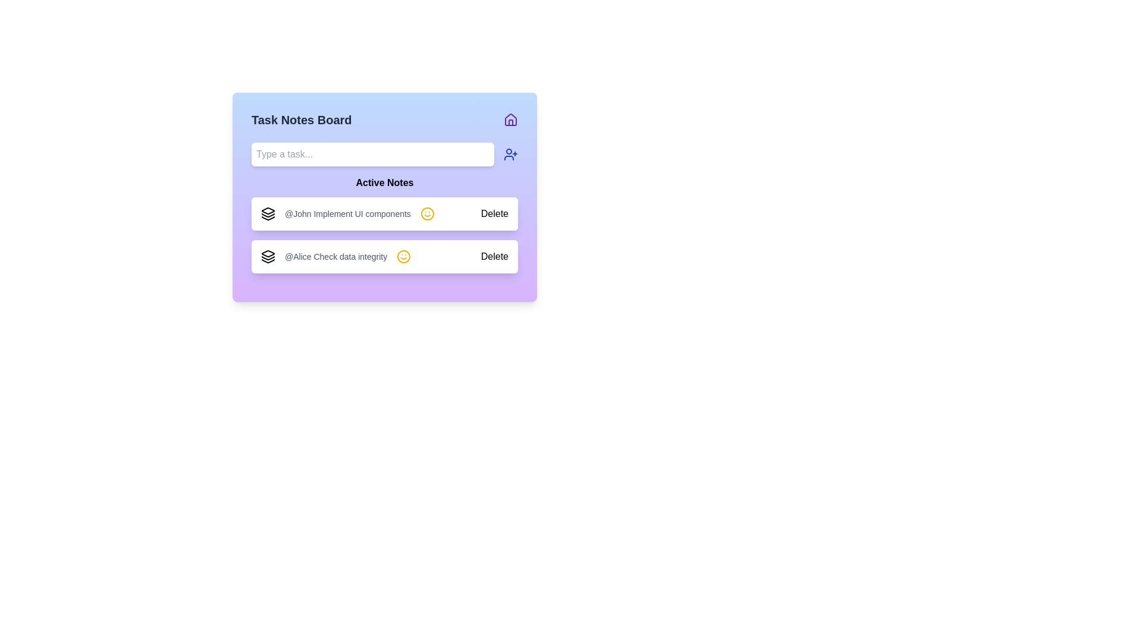 Image resolution: width=1142 pixels, height=642 pixels. What do you see at coordinates (268, 256) in the screenshot?
I see `the icon located at the top-left corner of the task item row for '@Alice Check data integrity', which visually indicates the type of activity associated with this task` at bounding box center [268, 256].